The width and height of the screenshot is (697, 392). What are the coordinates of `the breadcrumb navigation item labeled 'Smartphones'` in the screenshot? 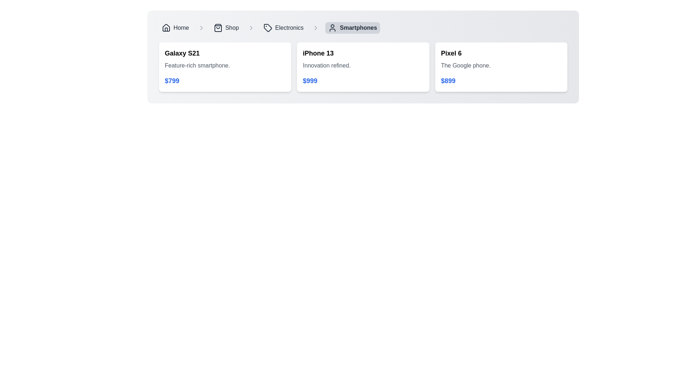 It's located at (352, 28).